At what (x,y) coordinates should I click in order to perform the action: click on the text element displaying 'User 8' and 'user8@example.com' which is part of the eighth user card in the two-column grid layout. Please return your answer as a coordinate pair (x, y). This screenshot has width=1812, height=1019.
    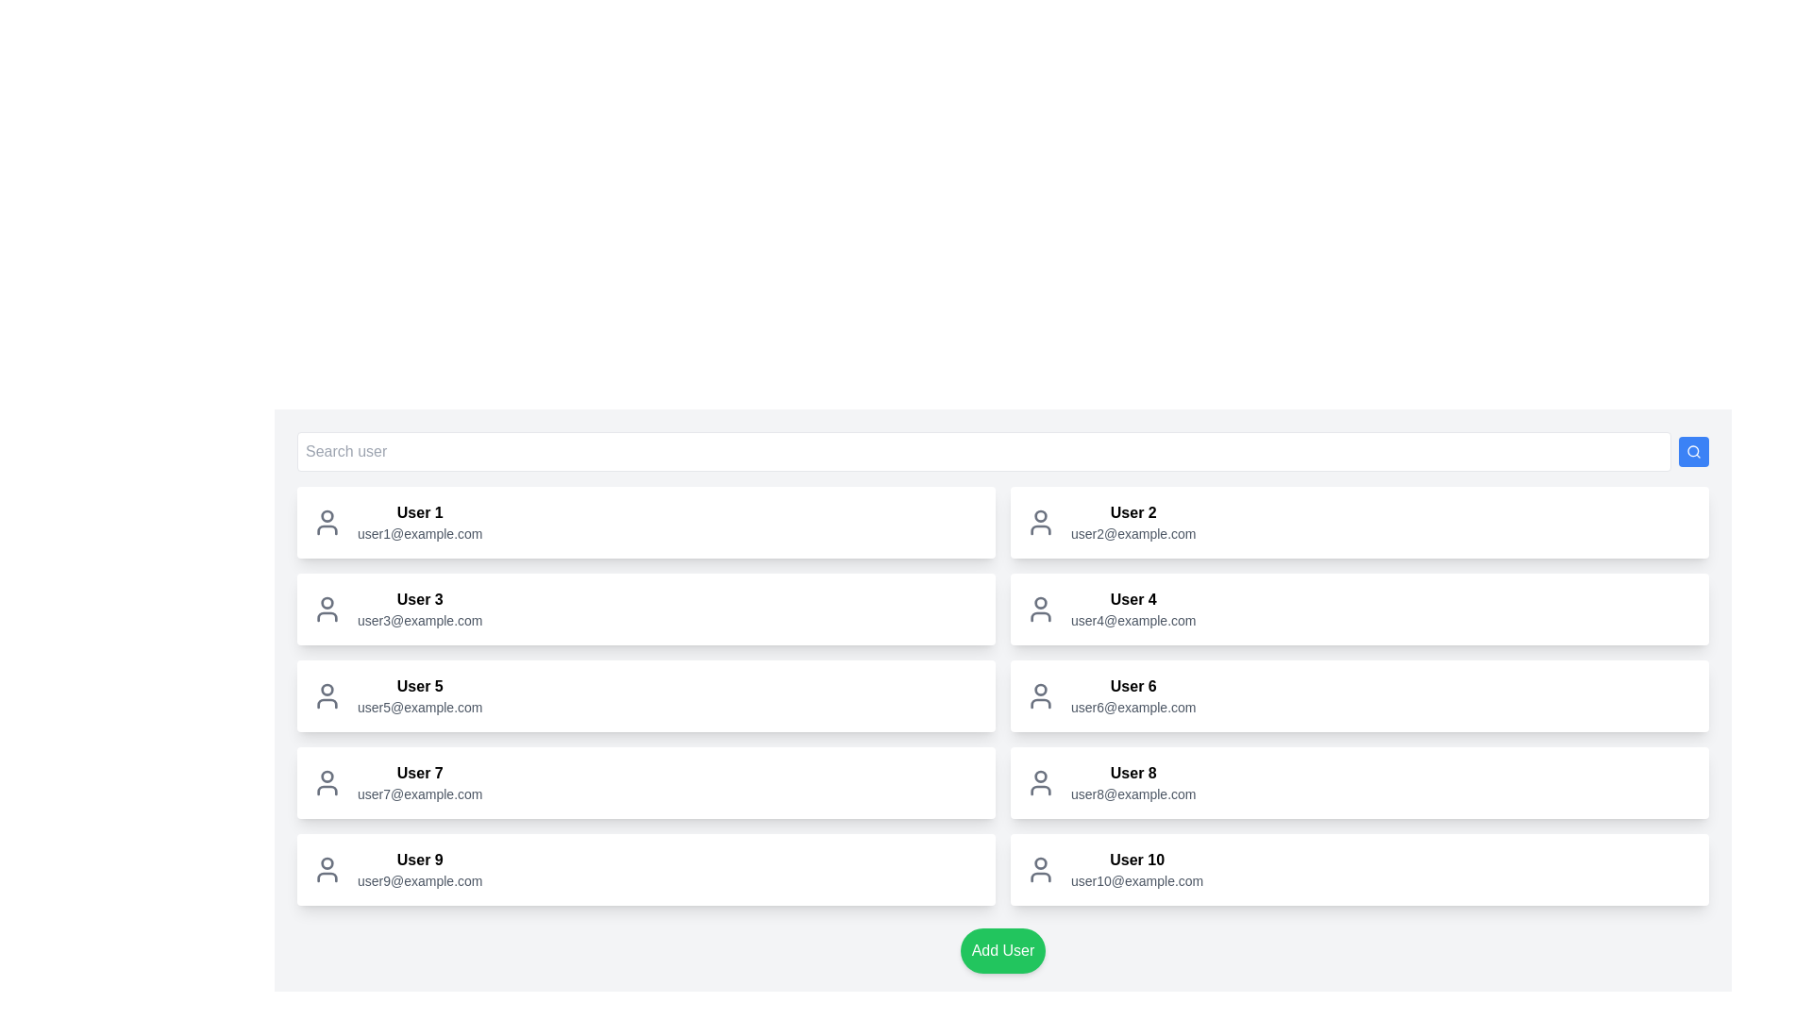
    Looking at the image, I should click on (1132, 782).